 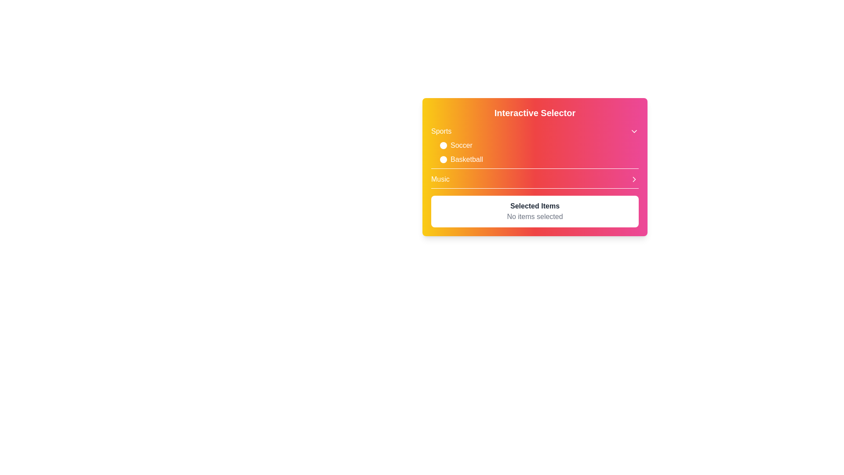 What do you see at coordinates (443, 159) in the screenshot?
I see `the square-shaped button with a white background and rounded borders, located on the left side of the word 'Basketball'` at bounding box center [443, 159].